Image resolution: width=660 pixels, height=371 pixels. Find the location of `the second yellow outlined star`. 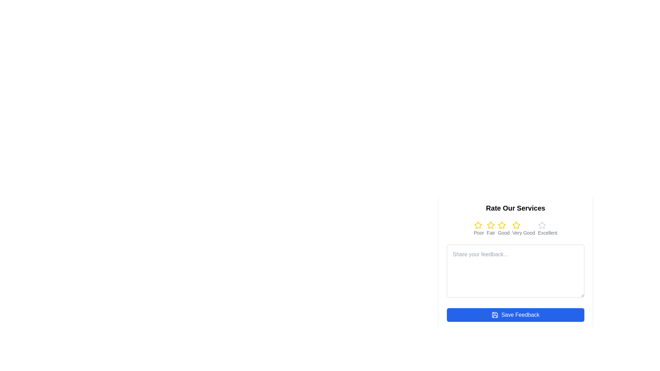

the second yellow outlined star is located at coordinates (491, 225).